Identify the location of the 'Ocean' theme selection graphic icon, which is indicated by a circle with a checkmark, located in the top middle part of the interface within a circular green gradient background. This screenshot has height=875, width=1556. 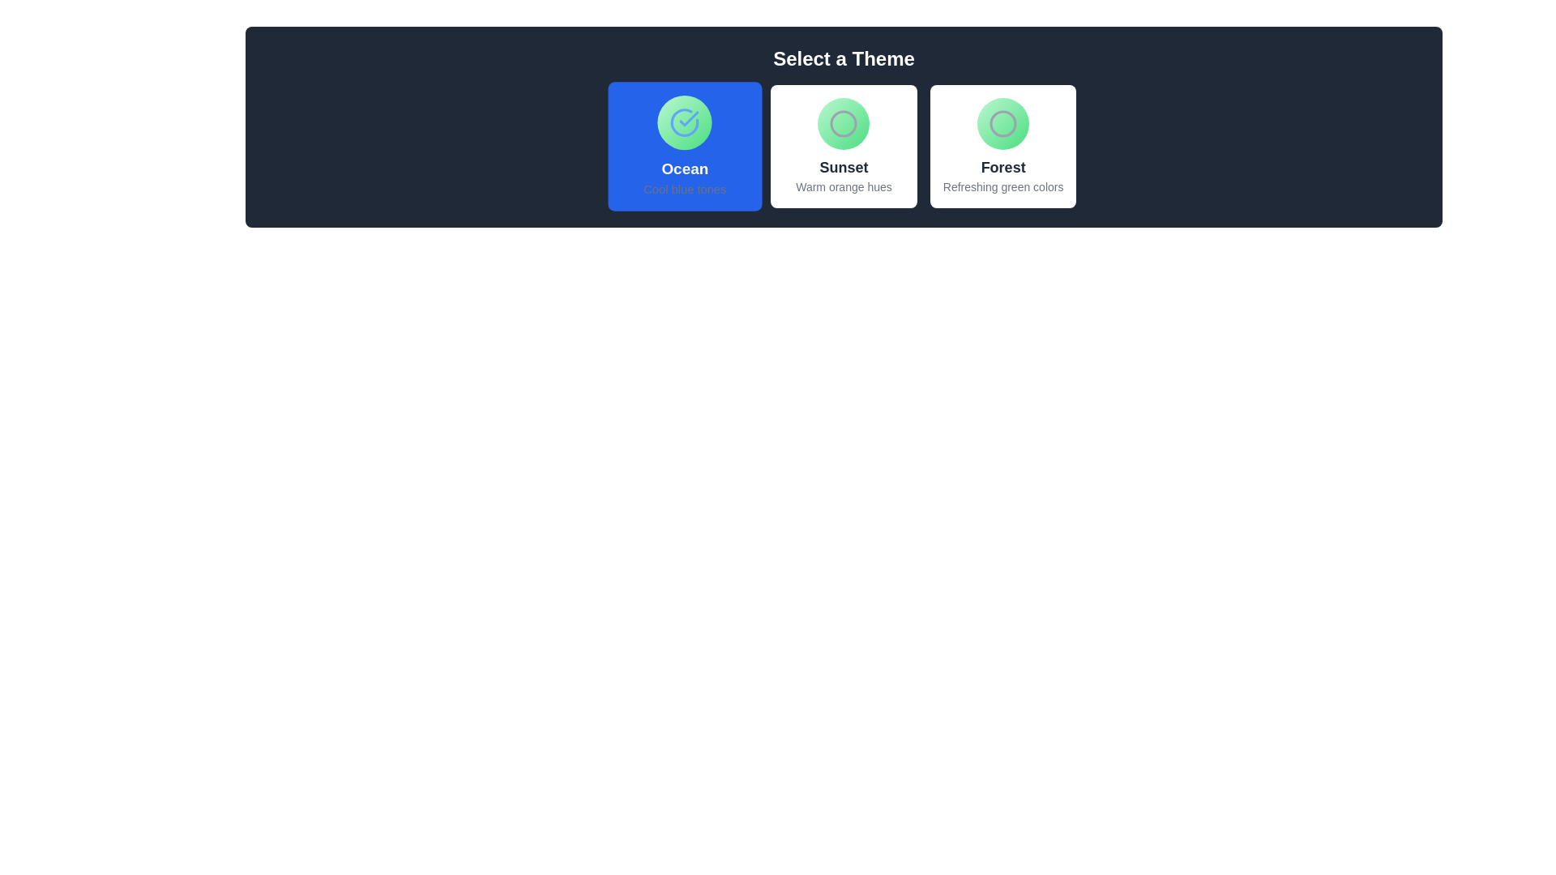
(684, 122).